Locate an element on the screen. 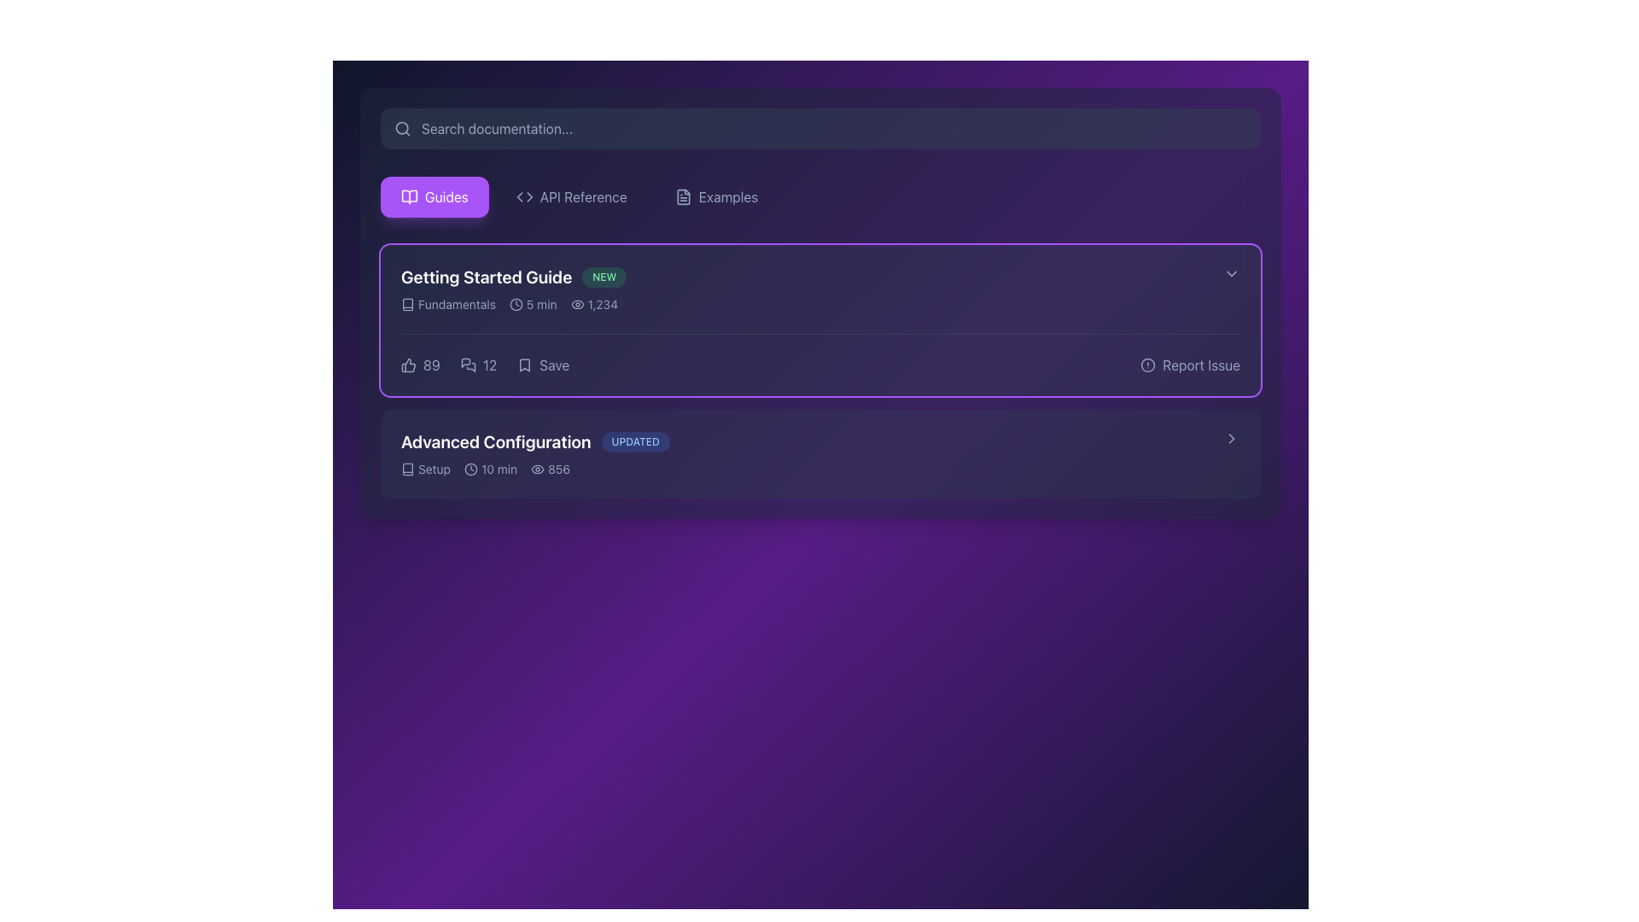  the label representing a count or statistic located in the 'Advanced Configuration' section, positioned to the right of the eye-shaped icon is located at coordinates (559, 470).